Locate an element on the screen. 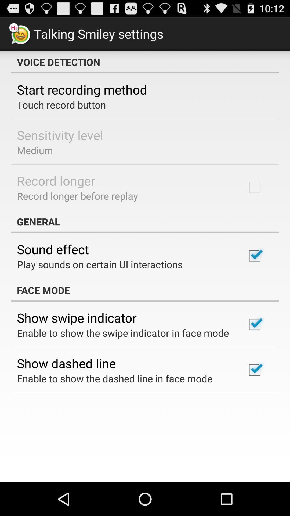 Image resolution: width=290 pixels, height=516 pixels. medium app is located at coordinates (35, 150).